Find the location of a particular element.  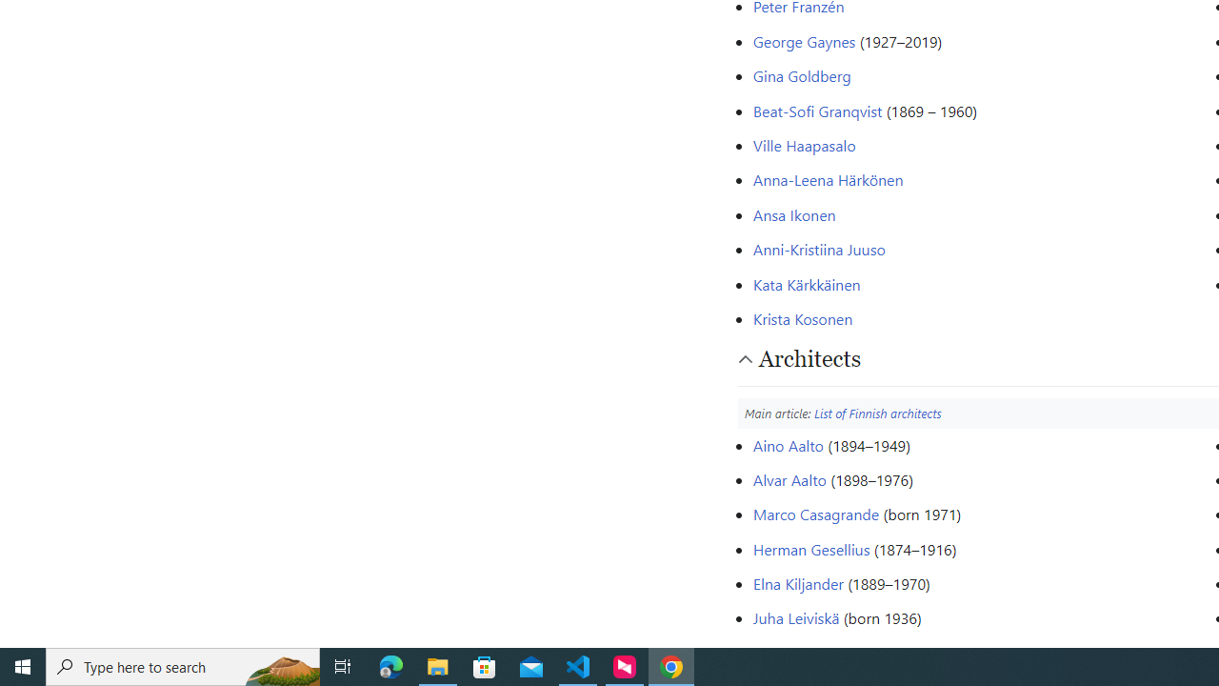

'Alvar Aalto' is located at coordinates (789, 477).